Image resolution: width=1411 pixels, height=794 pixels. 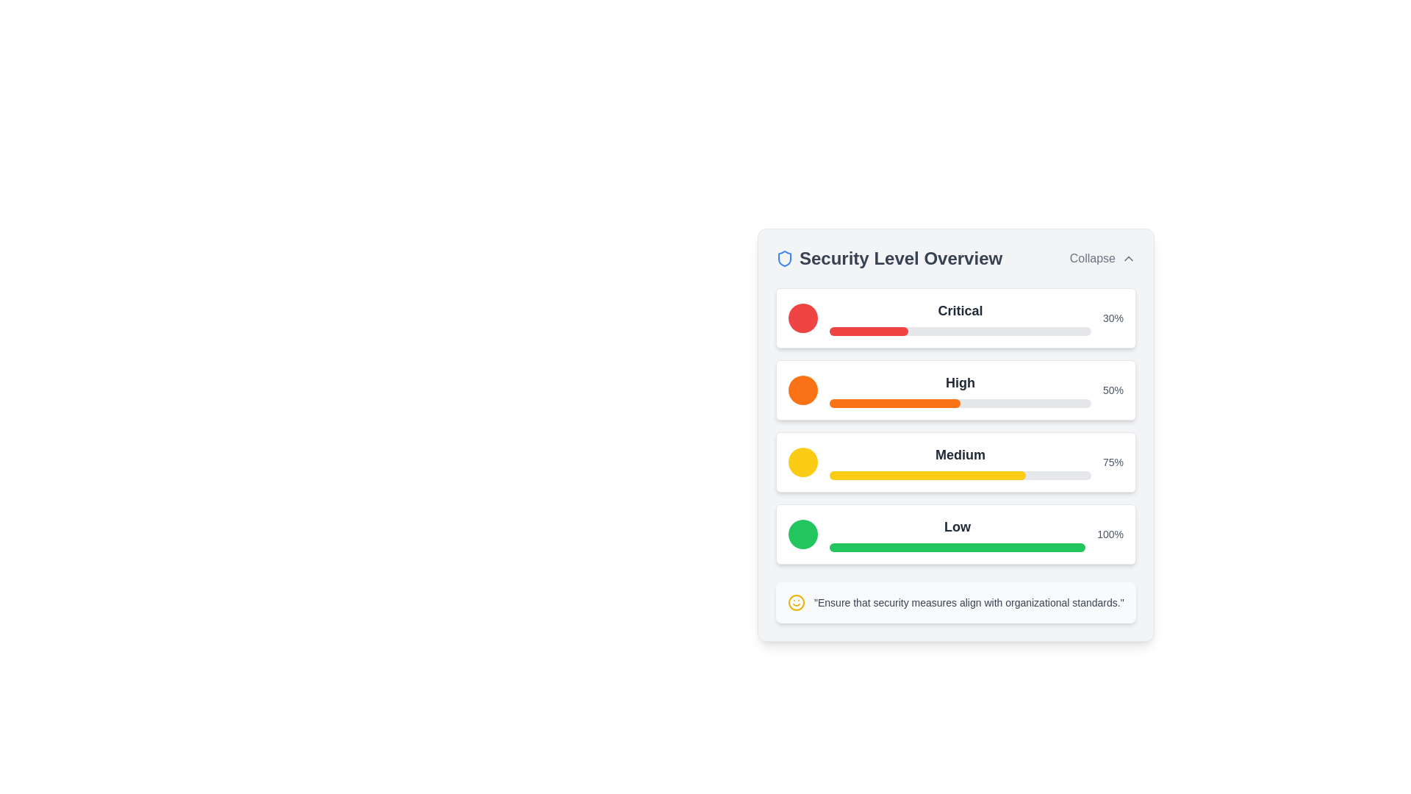 I want to click on the 'Low' status indicator widget, which has a progress bar displaying '100%' and is positioned fourth in the vertical list of status indicators, so click(x=955, y=534).